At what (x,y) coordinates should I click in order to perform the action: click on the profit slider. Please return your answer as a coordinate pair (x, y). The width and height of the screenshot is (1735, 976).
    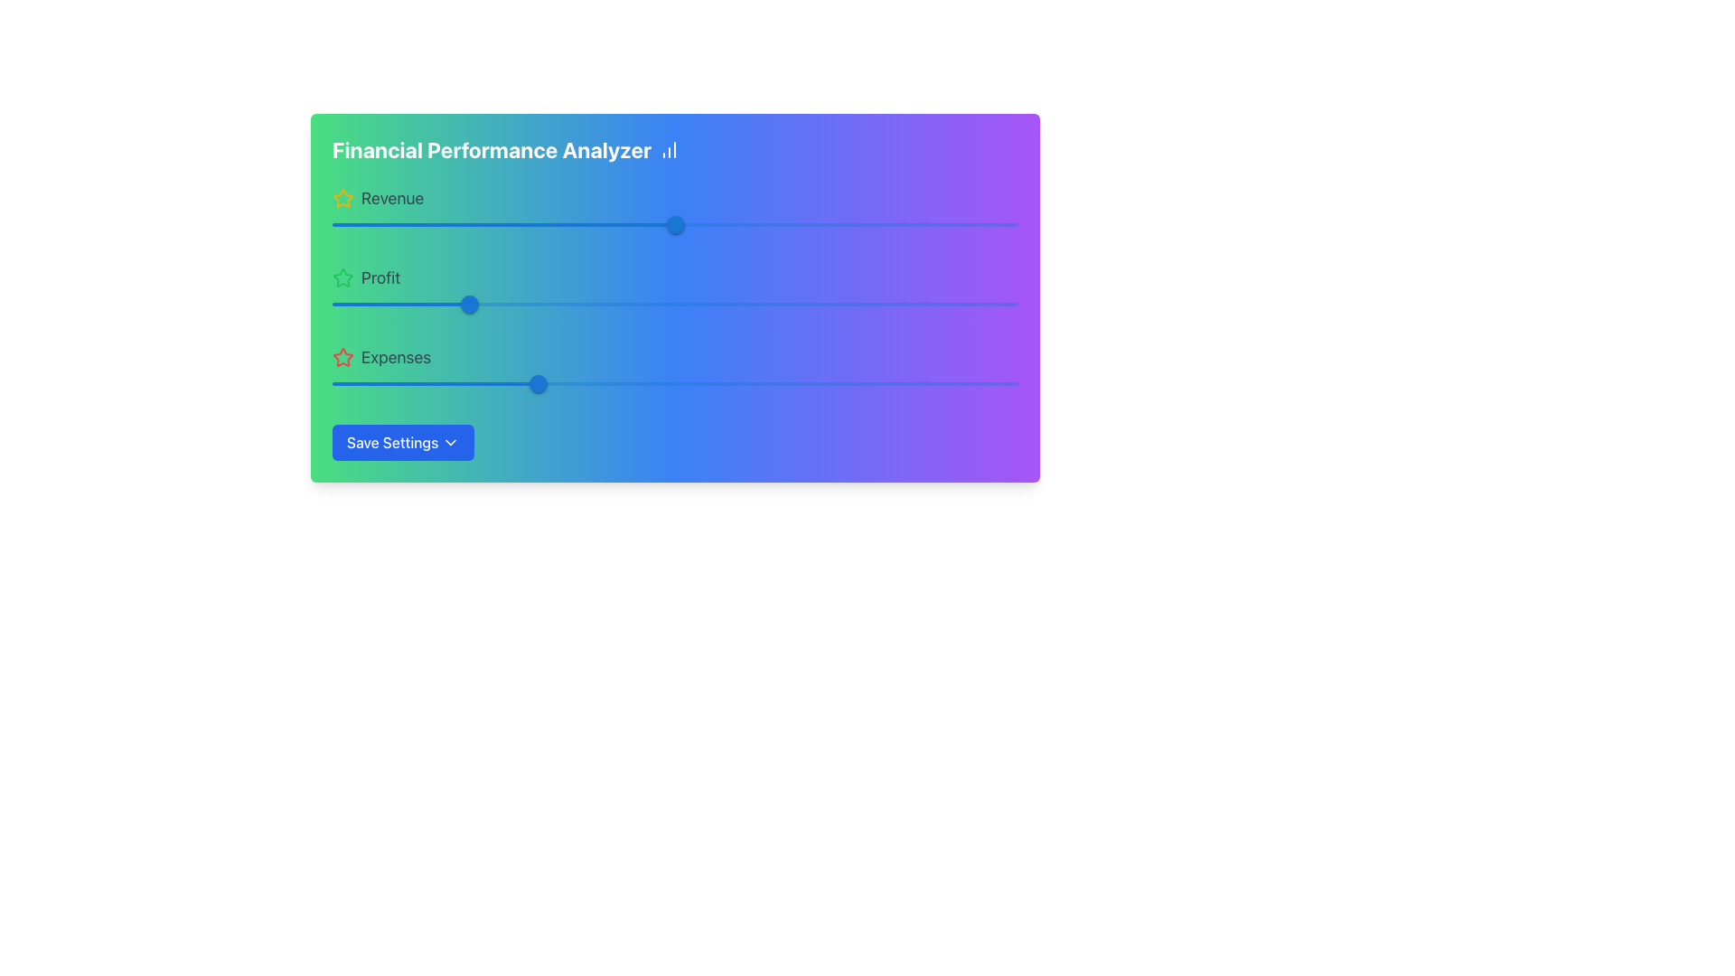
    Looking at the image, I should click on (460, 303).